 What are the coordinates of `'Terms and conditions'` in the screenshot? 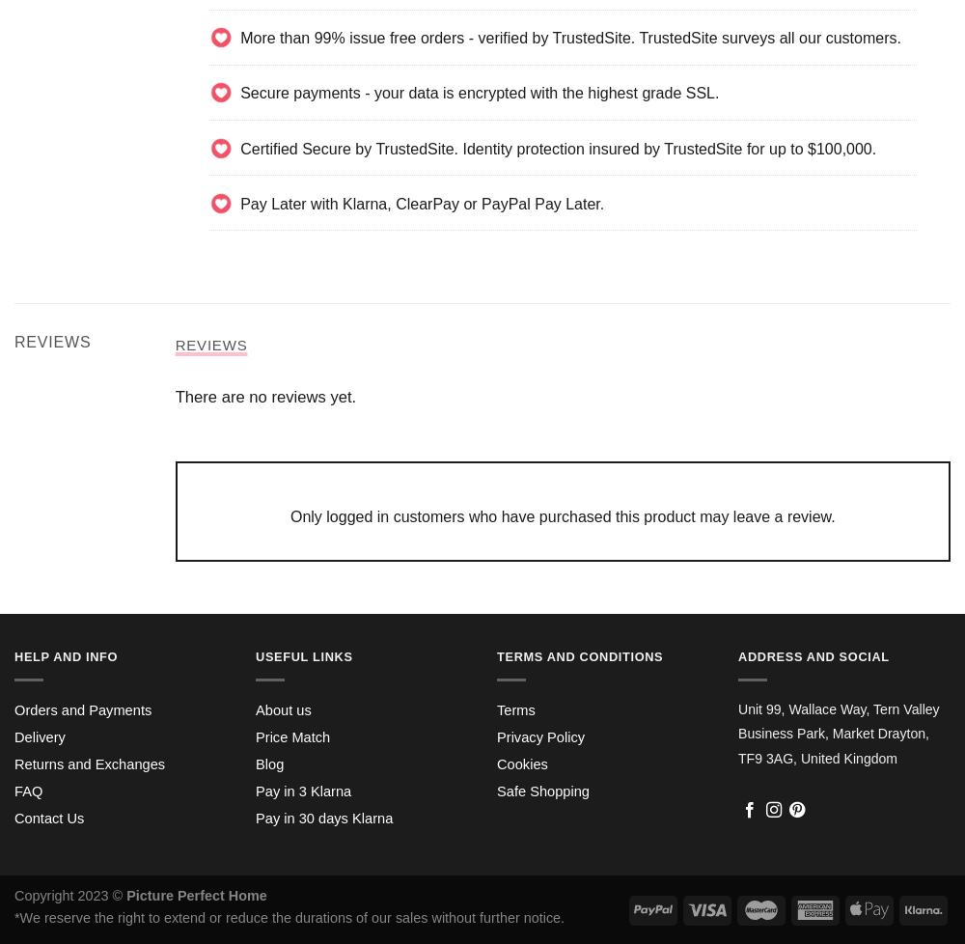 It's located at (579, 655).